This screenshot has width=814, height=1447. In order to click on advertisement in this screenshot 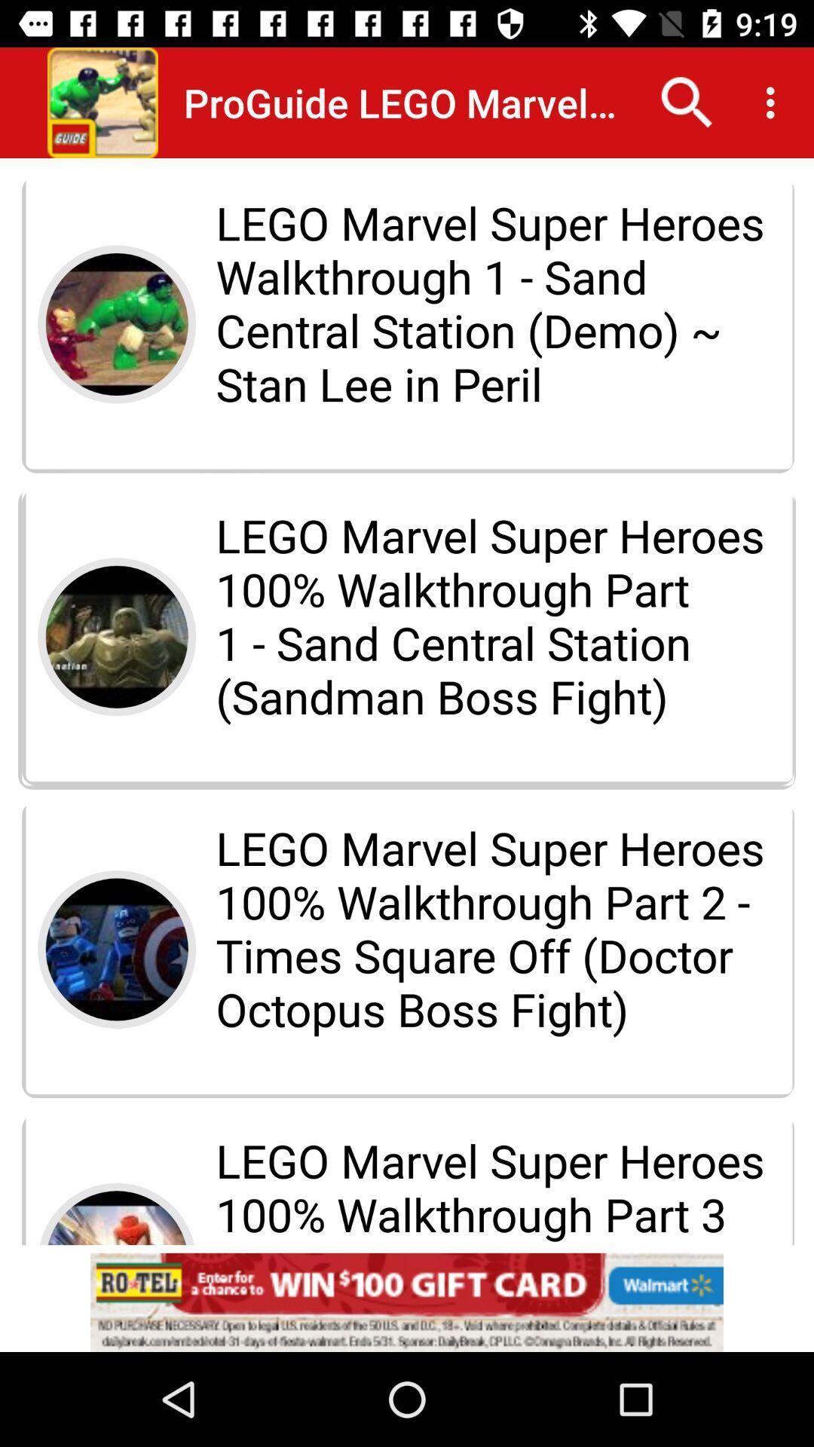, I will do `click(407, 1302)`.